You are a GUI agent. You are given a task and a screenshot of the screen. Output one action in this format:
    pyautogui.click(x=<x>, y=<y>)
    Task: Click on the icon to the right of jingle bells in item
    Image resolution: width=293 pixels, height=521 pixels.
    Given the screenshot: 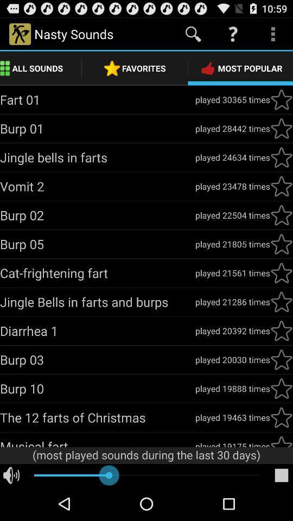 What is the action you would take?
    pyautogui.click(x=232, y=157)
    